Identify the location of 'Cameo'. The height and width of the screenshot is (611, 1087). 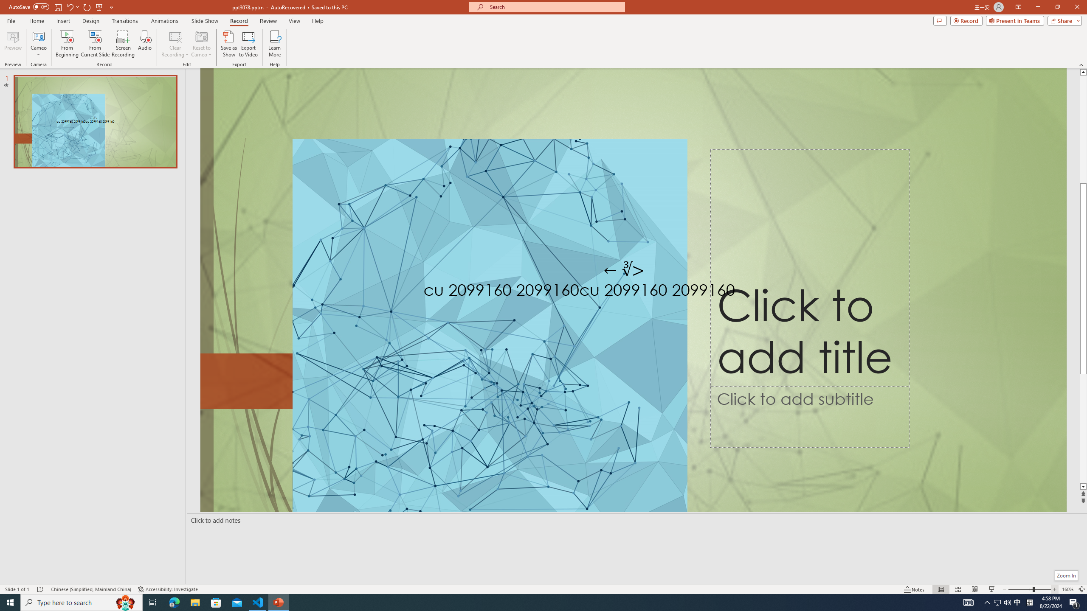
(38, 36).